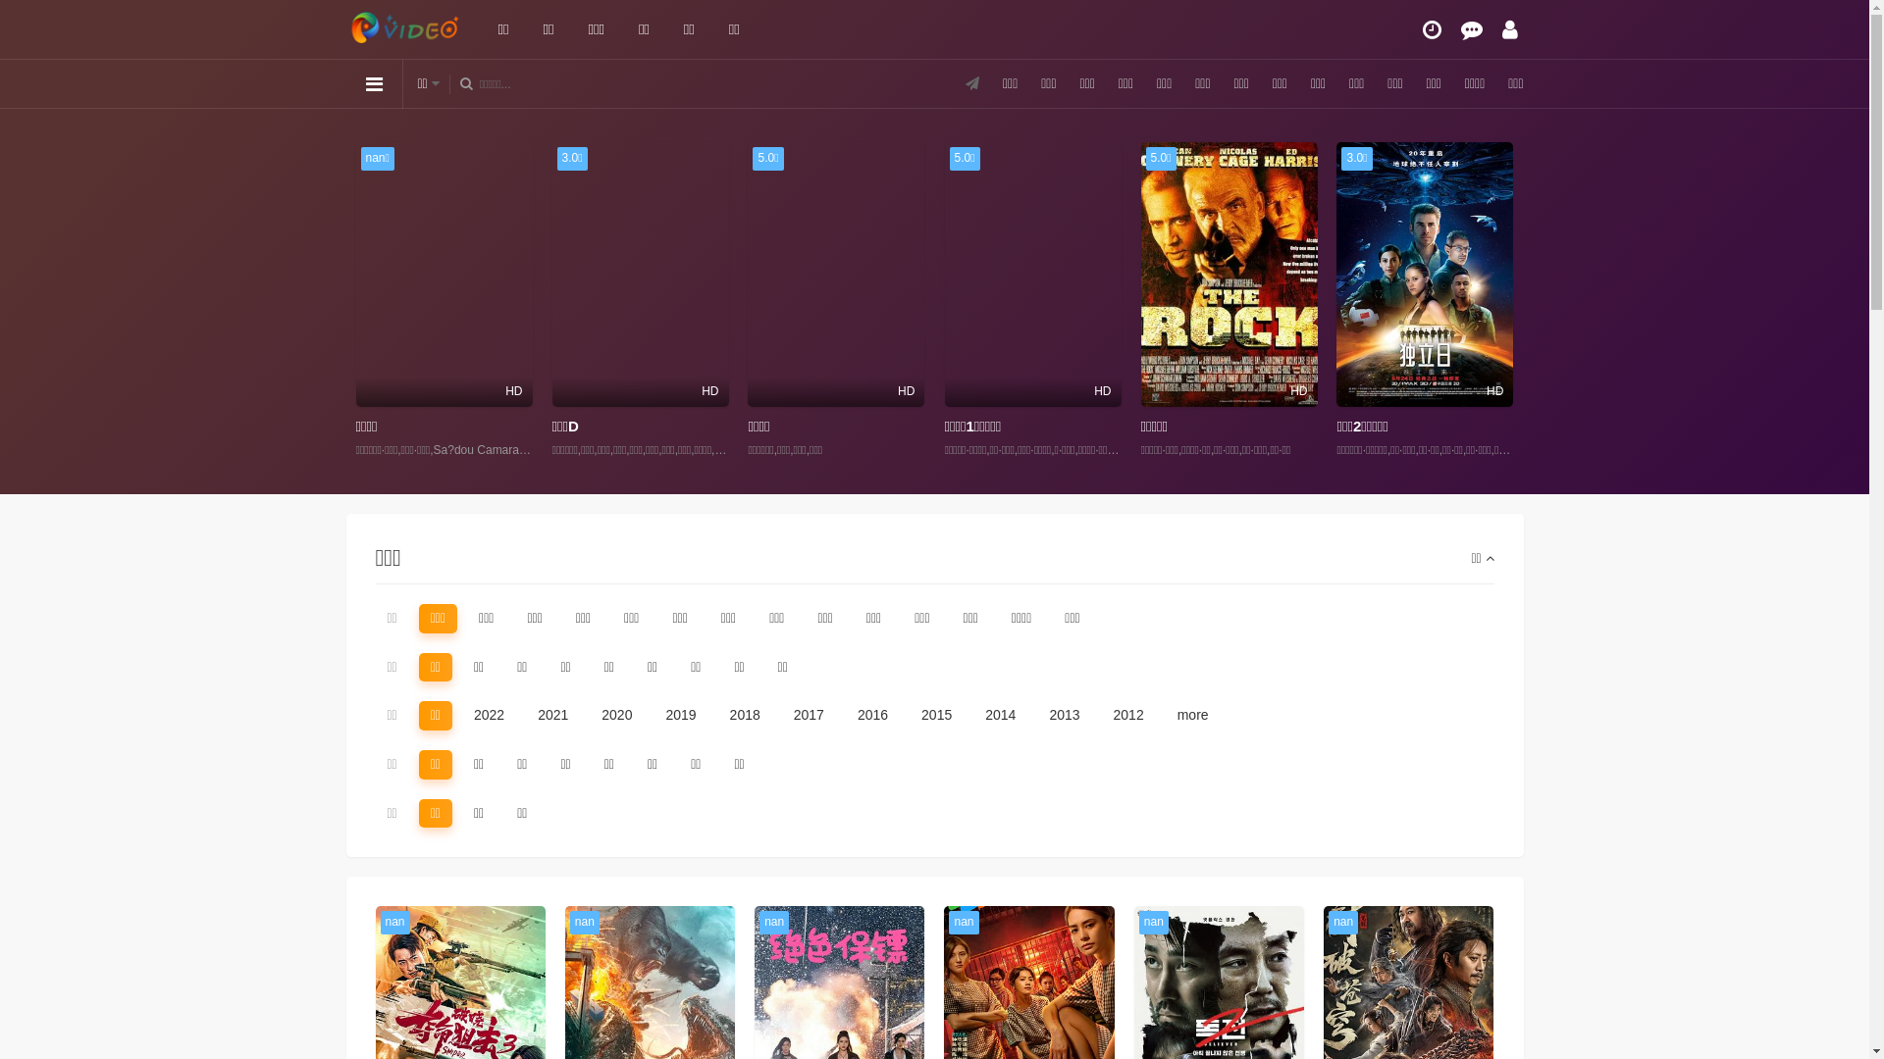 Image resolution: width=1884 pixels, height=1059 pixels. What do you see at coordinates (744, 715) in the screenshot?
I see `'2018'` at bounding box center [744, 715].